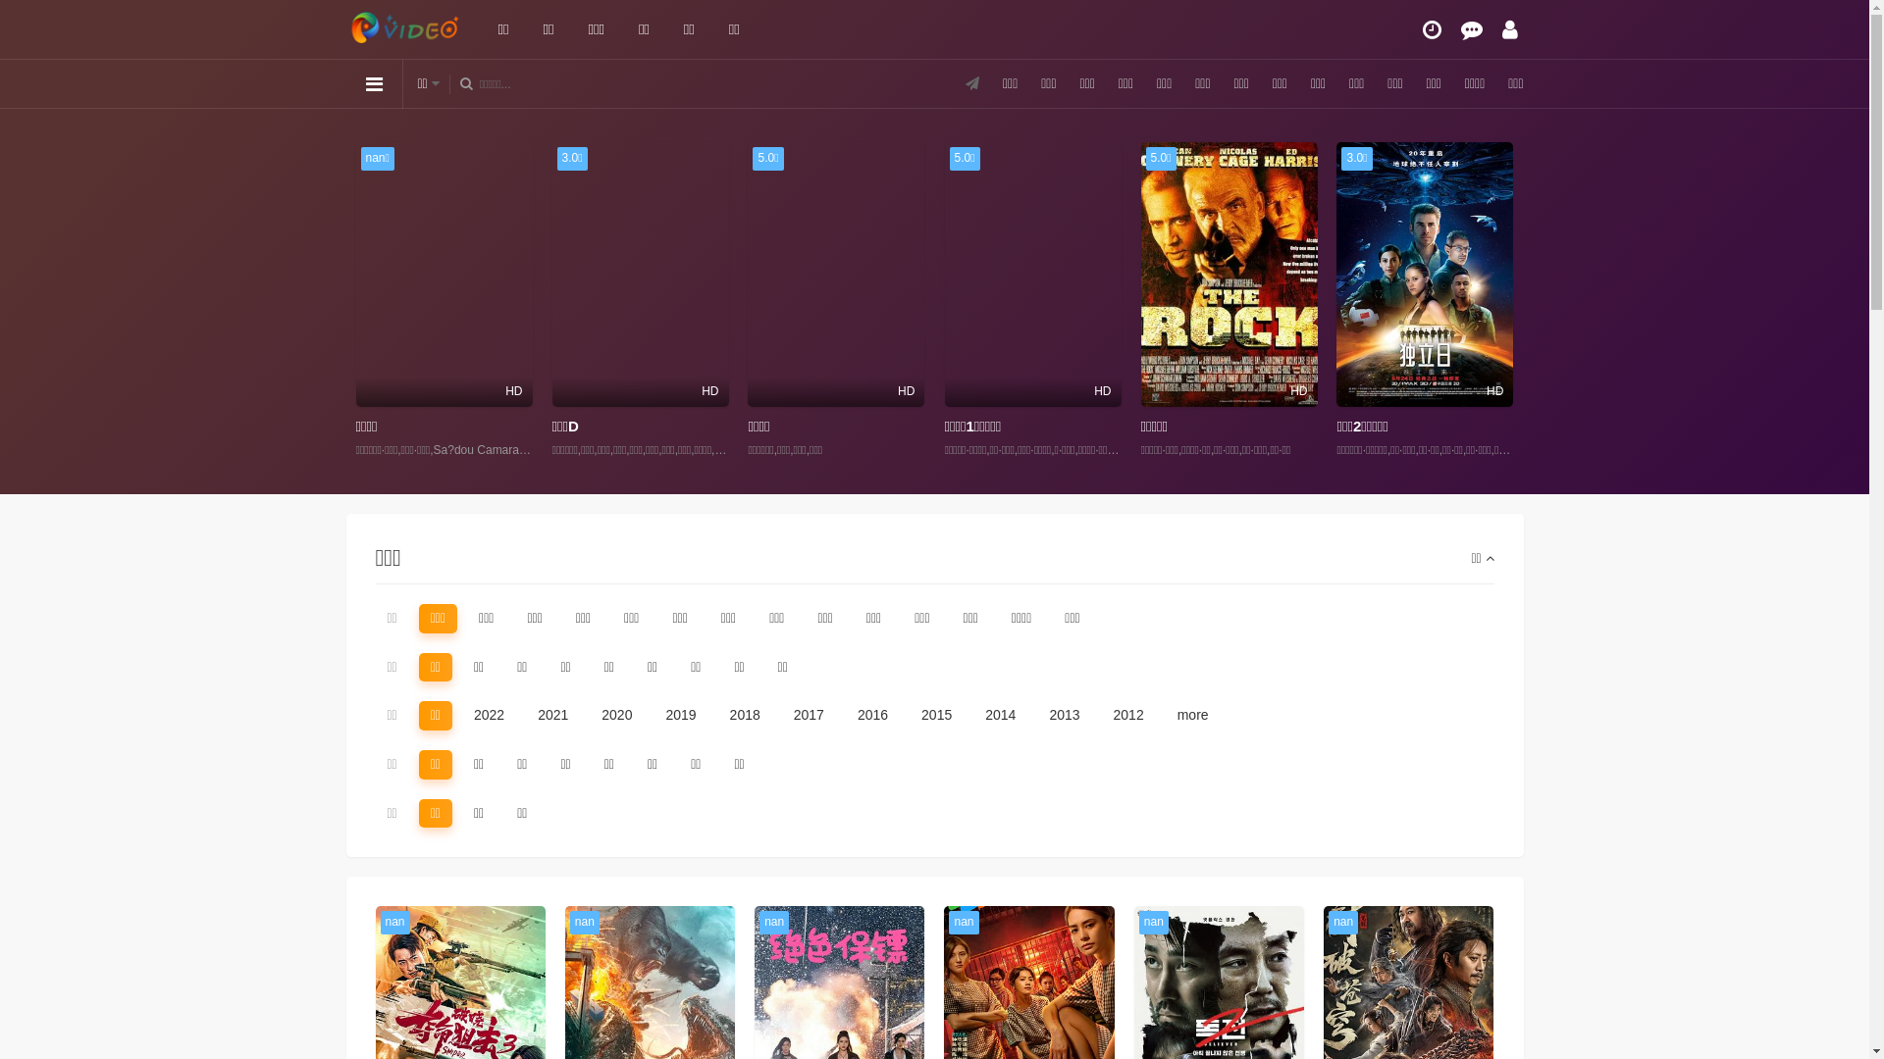 Image resolution: width=1884 pixels, height=1059 pixels. What do you see at coordinates (744, 715) in the screenshot?
I see `'2018'` at bounding box center [744, 715].